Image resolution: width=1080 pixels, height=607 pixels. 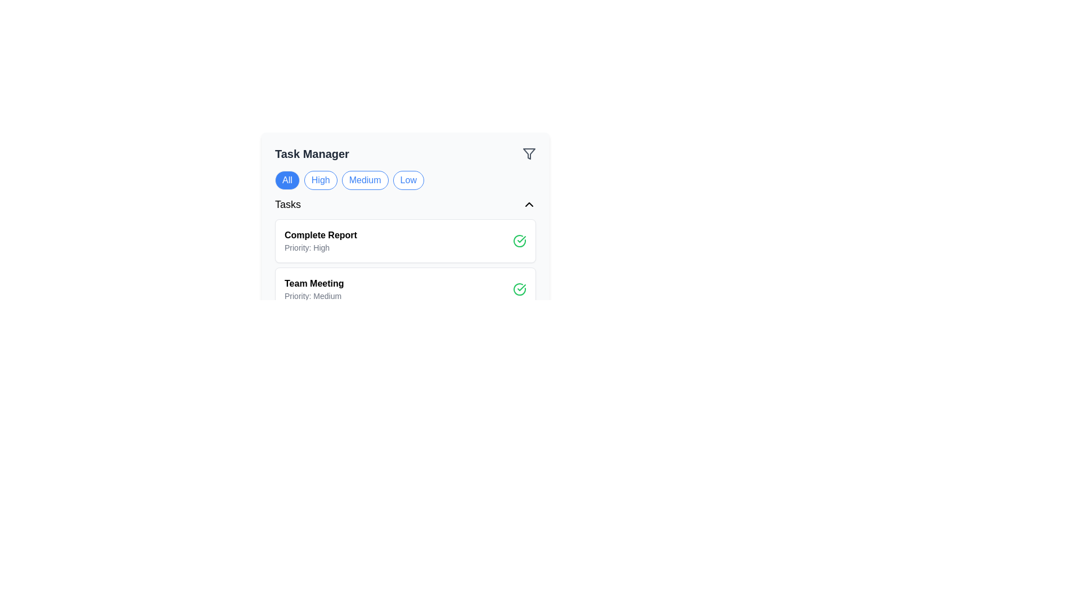 I want to click on the green check mark icon next to the 'Team Meeting' task, so click(x=519, y=240).